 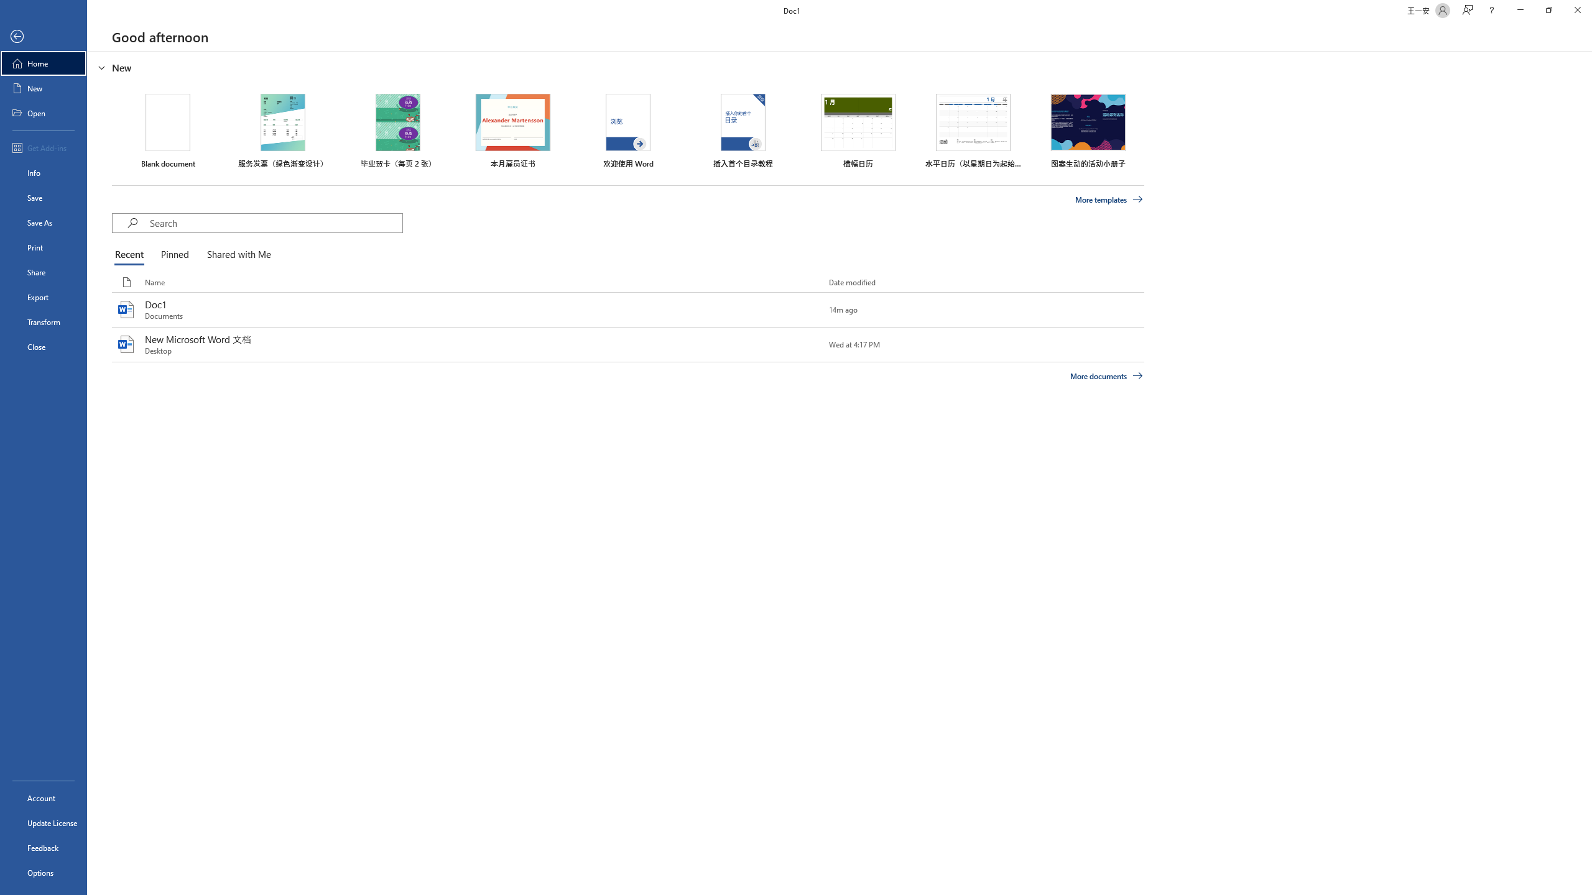 I want to click on 'Hide or show region', so click(x=101, y=67).